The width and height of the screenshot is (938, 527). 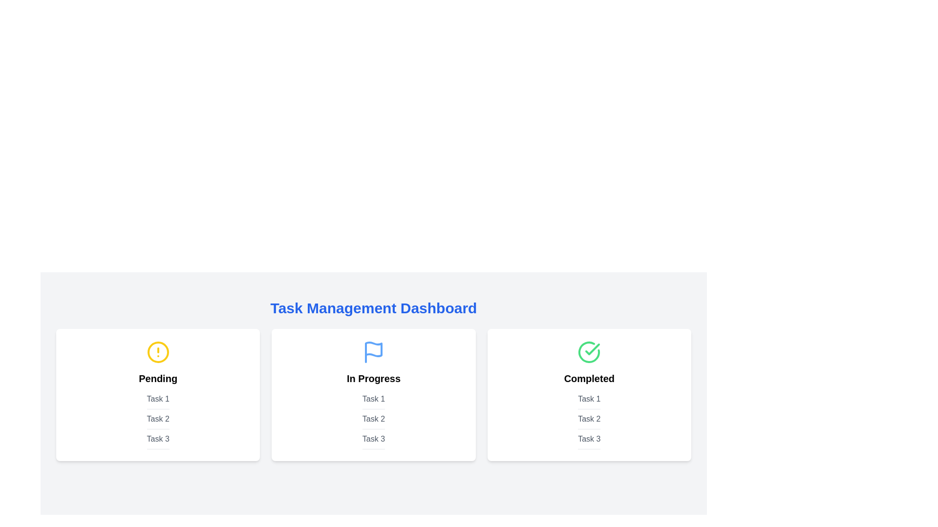 What do you see at coordinates (589, 378) in the screenshot?
I see `the 'Completed' status label located within the 'Completed' card, positioned below the green checkmark icon and above the list of tasks` at bounding box center [589, 378].